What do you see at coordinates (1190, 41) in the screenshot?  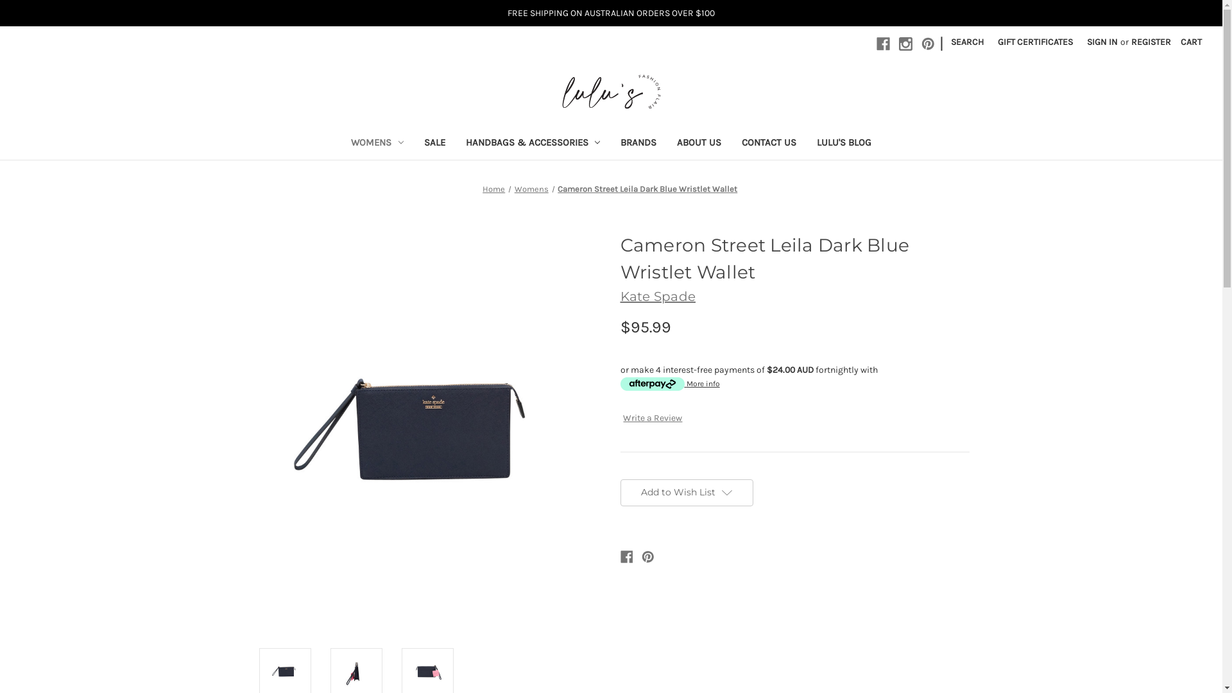 I see `'CART'` at bounding box center [1190, 41].